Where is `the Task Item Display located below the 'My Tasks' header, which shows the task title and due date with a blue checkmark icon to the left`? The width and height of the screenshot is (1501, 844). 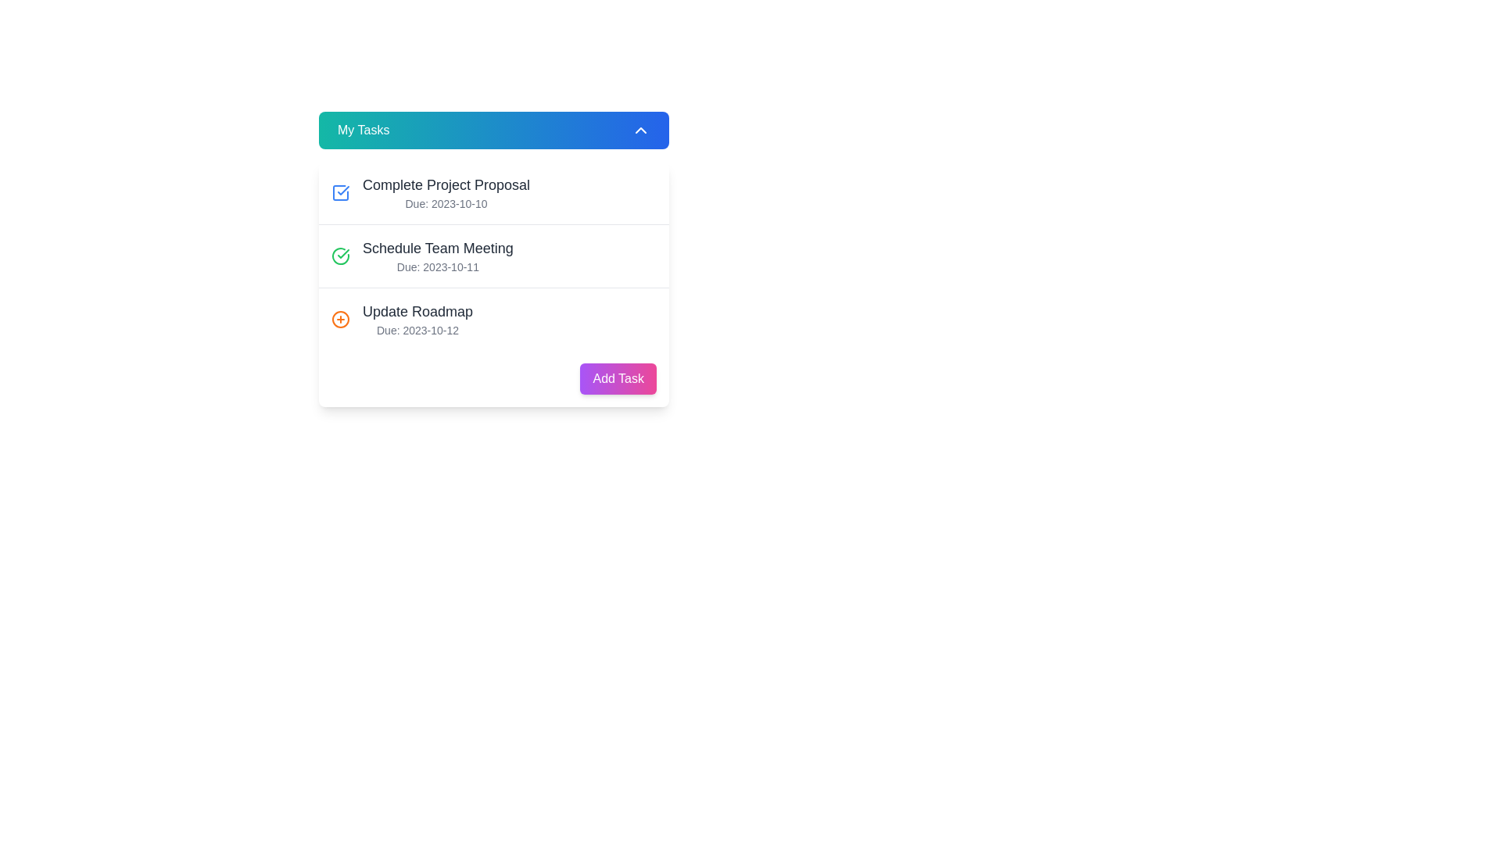 the Task Item Display located below the 'My Tasks' header, which shows the task title and due date with a blue checkmark icon to the left is located at coordinates (446, 191).